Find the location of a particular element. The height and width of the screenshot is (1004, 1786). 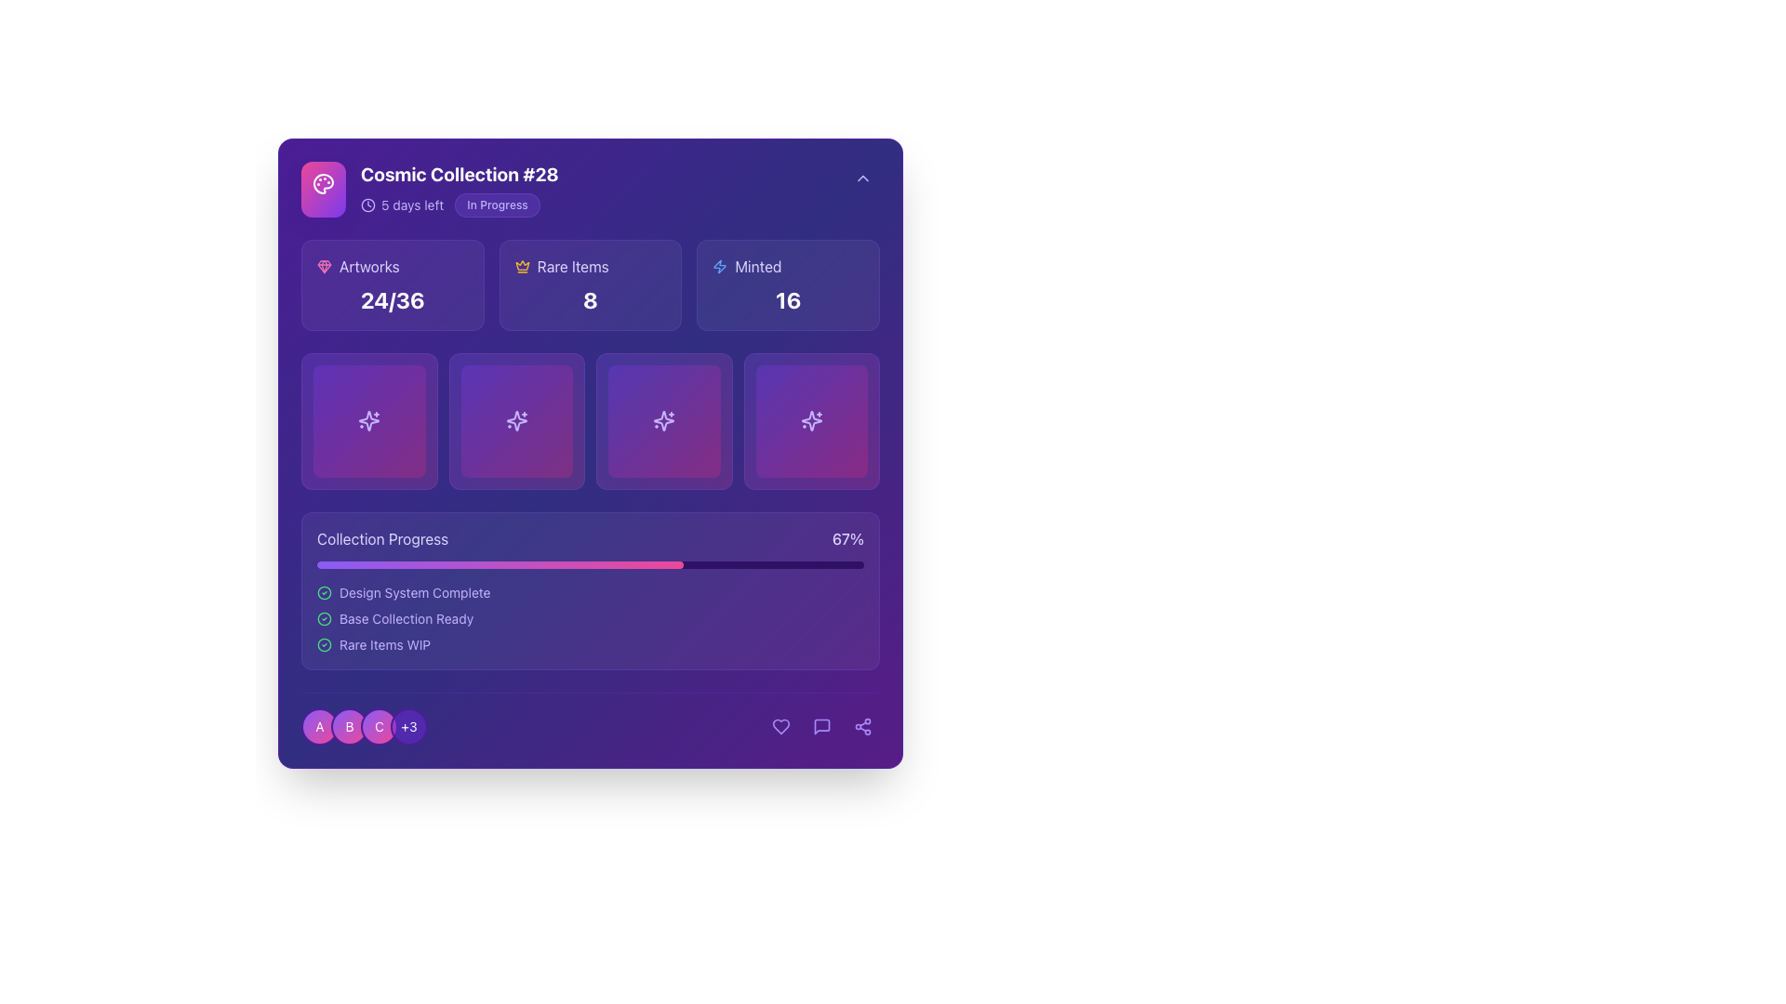

the second selectable card element with a gradient background transitioning from violet to pink, which features a central sparkles icon styled in light violet is located at coordinates (516, 421).